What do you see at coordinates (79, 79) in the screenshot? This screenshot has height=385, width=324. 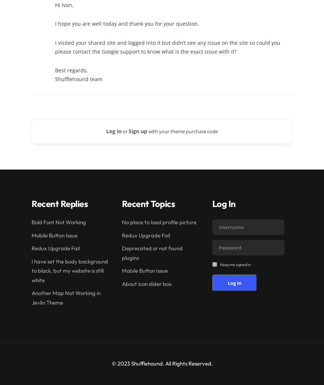 I see `'Shufflehound team'` at bounding box center [79, 79].